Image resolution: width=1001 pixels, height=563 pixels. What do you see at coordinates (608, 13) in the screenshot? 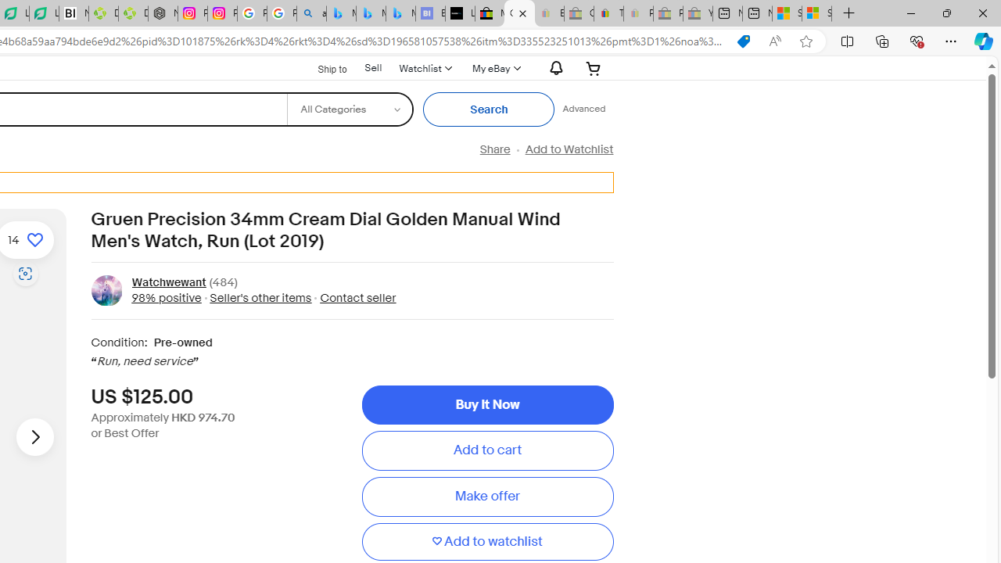
I see `'Threats and offensive language policy | eBay'` at bounding box center [608, 13].